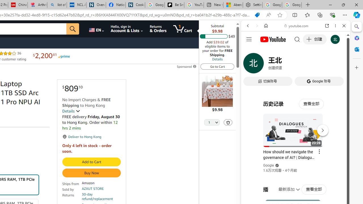 This screenshot has height=204, width=363. Describe the element at coordinates (135, 5) in the screenshot. I see `'Cookies'` at that location.